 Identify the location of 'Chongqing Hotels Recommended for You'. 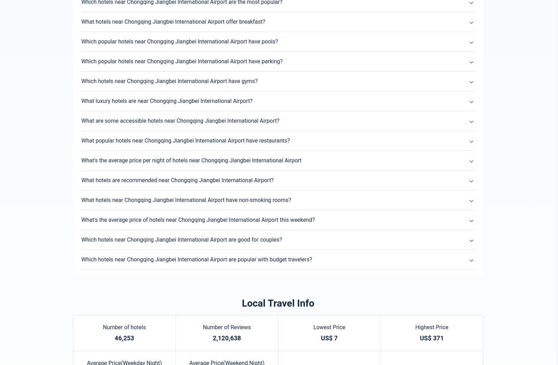
(169, 42).